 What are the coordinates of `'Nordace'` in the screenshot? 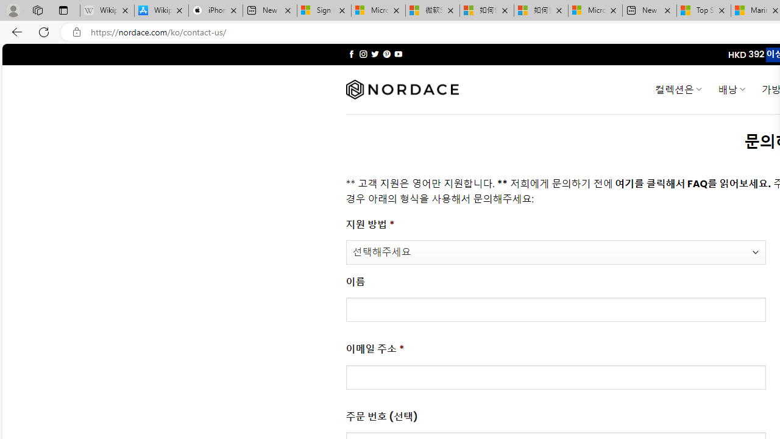 It's located at (402, 89).